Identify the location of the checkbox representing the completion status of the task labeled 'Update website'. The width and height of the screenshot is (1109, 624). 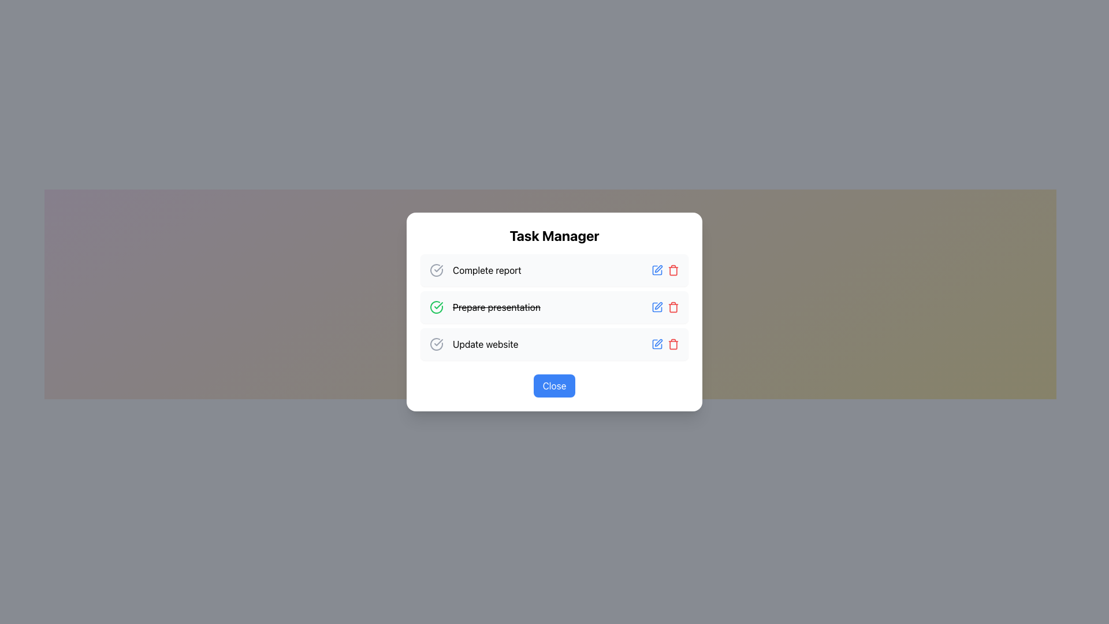
(436, 344).